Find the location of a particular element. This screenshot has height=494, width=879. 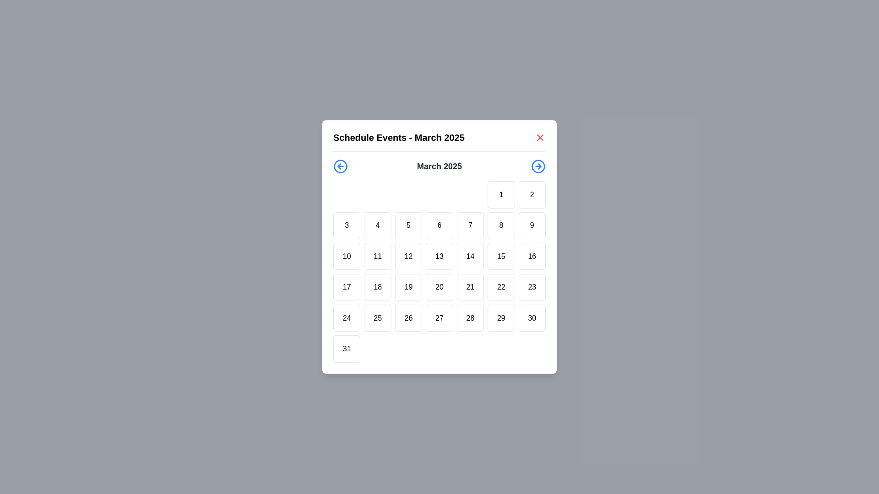

the circular right arrow icon button rendered in blue, which is located to the right of the text 'March 2025' in the header area is located at coordinates (538, 166).